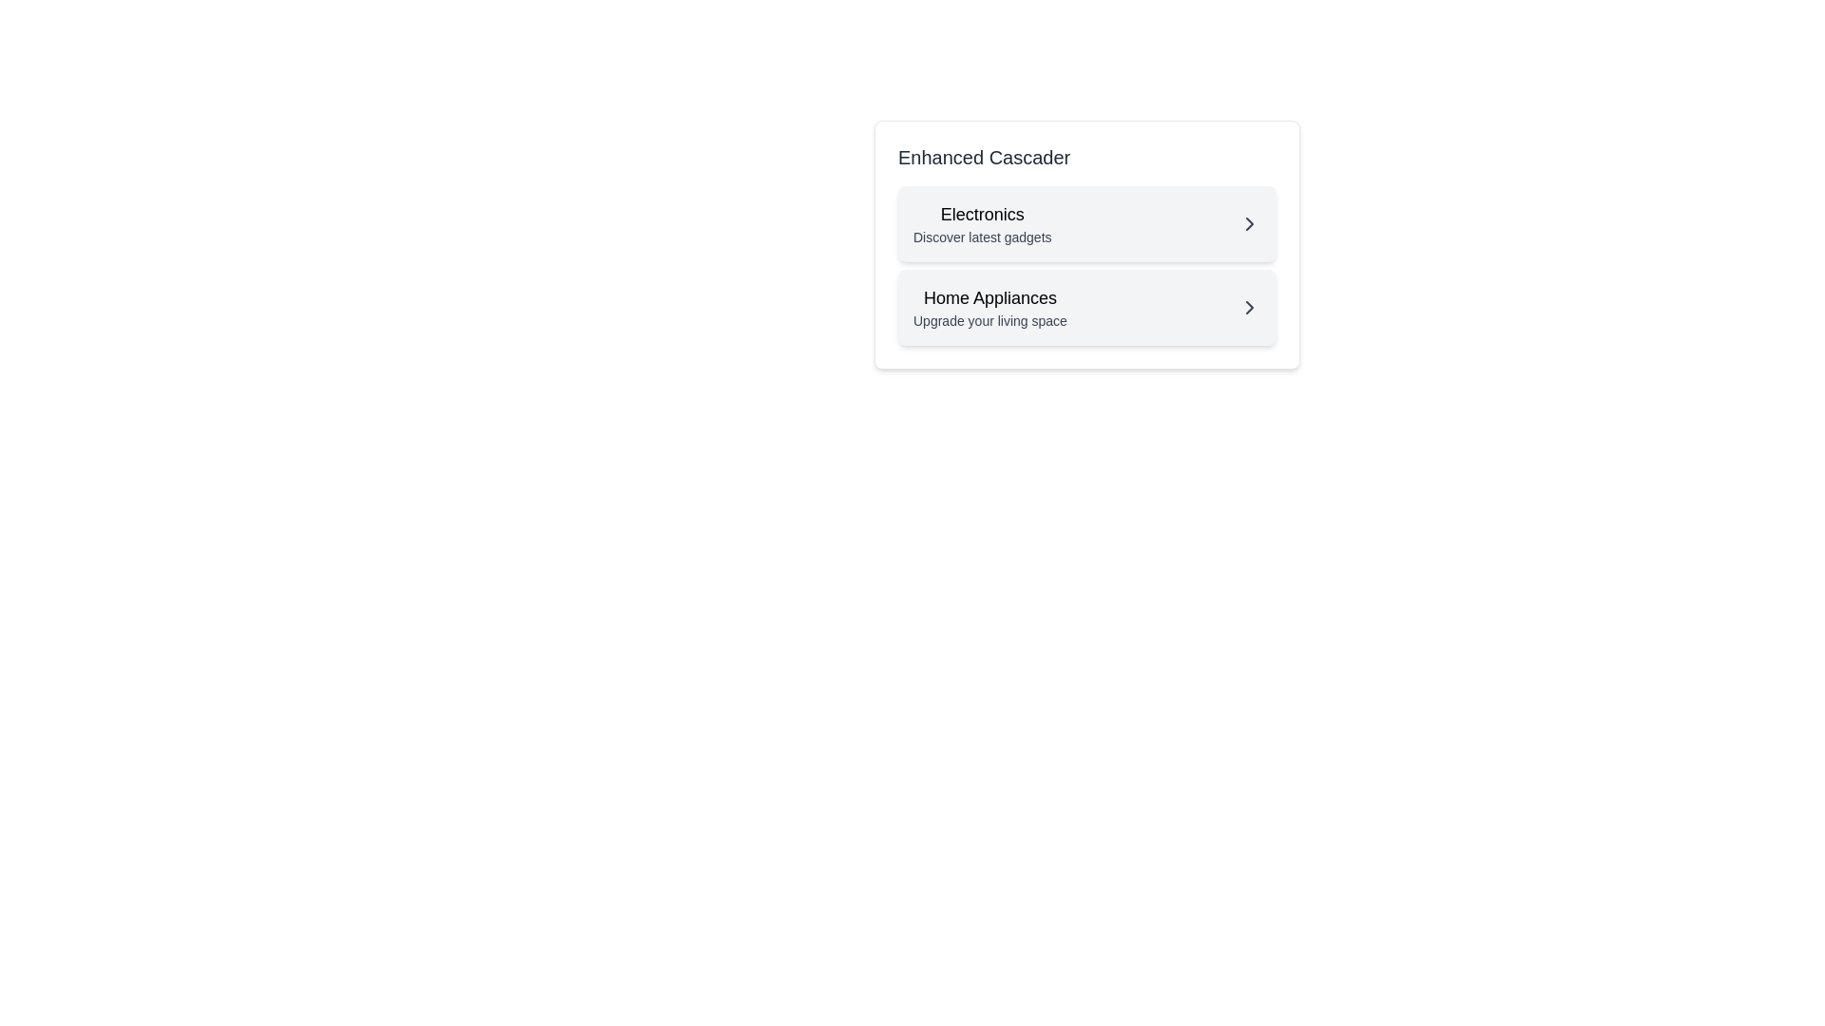  What do you see at coordinates (1250, 307) in the screenshot?
I see `the icon positioned in the second row labeled 'Home Appliances', located to the right of the 'Upgrade your living space' text` at bounding box center [1250, 307].